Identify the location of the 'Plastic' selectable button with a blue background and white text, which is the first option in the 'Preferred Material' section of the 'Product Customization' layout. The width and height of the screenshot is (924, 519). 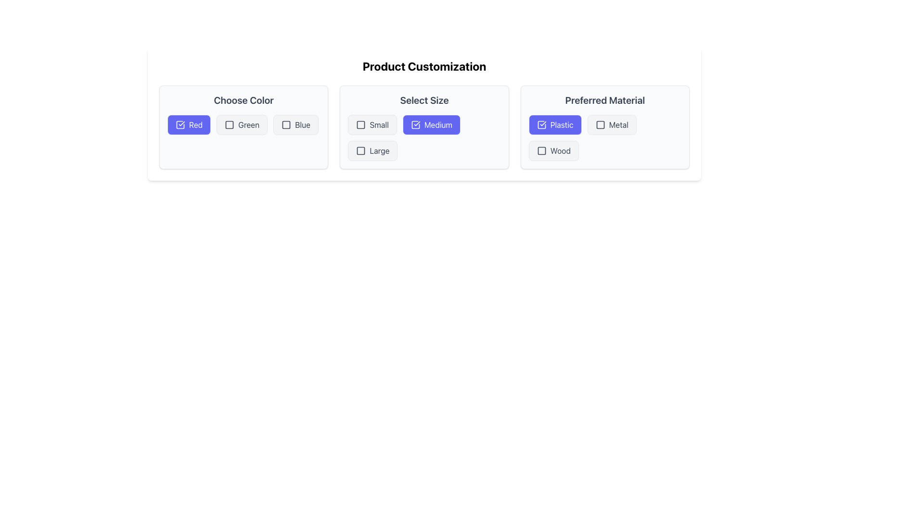
(555, 124).